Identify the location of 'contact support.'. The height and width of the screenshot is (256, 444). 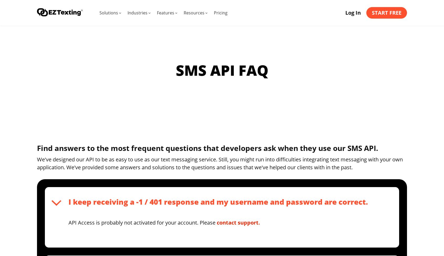
(238, 222).